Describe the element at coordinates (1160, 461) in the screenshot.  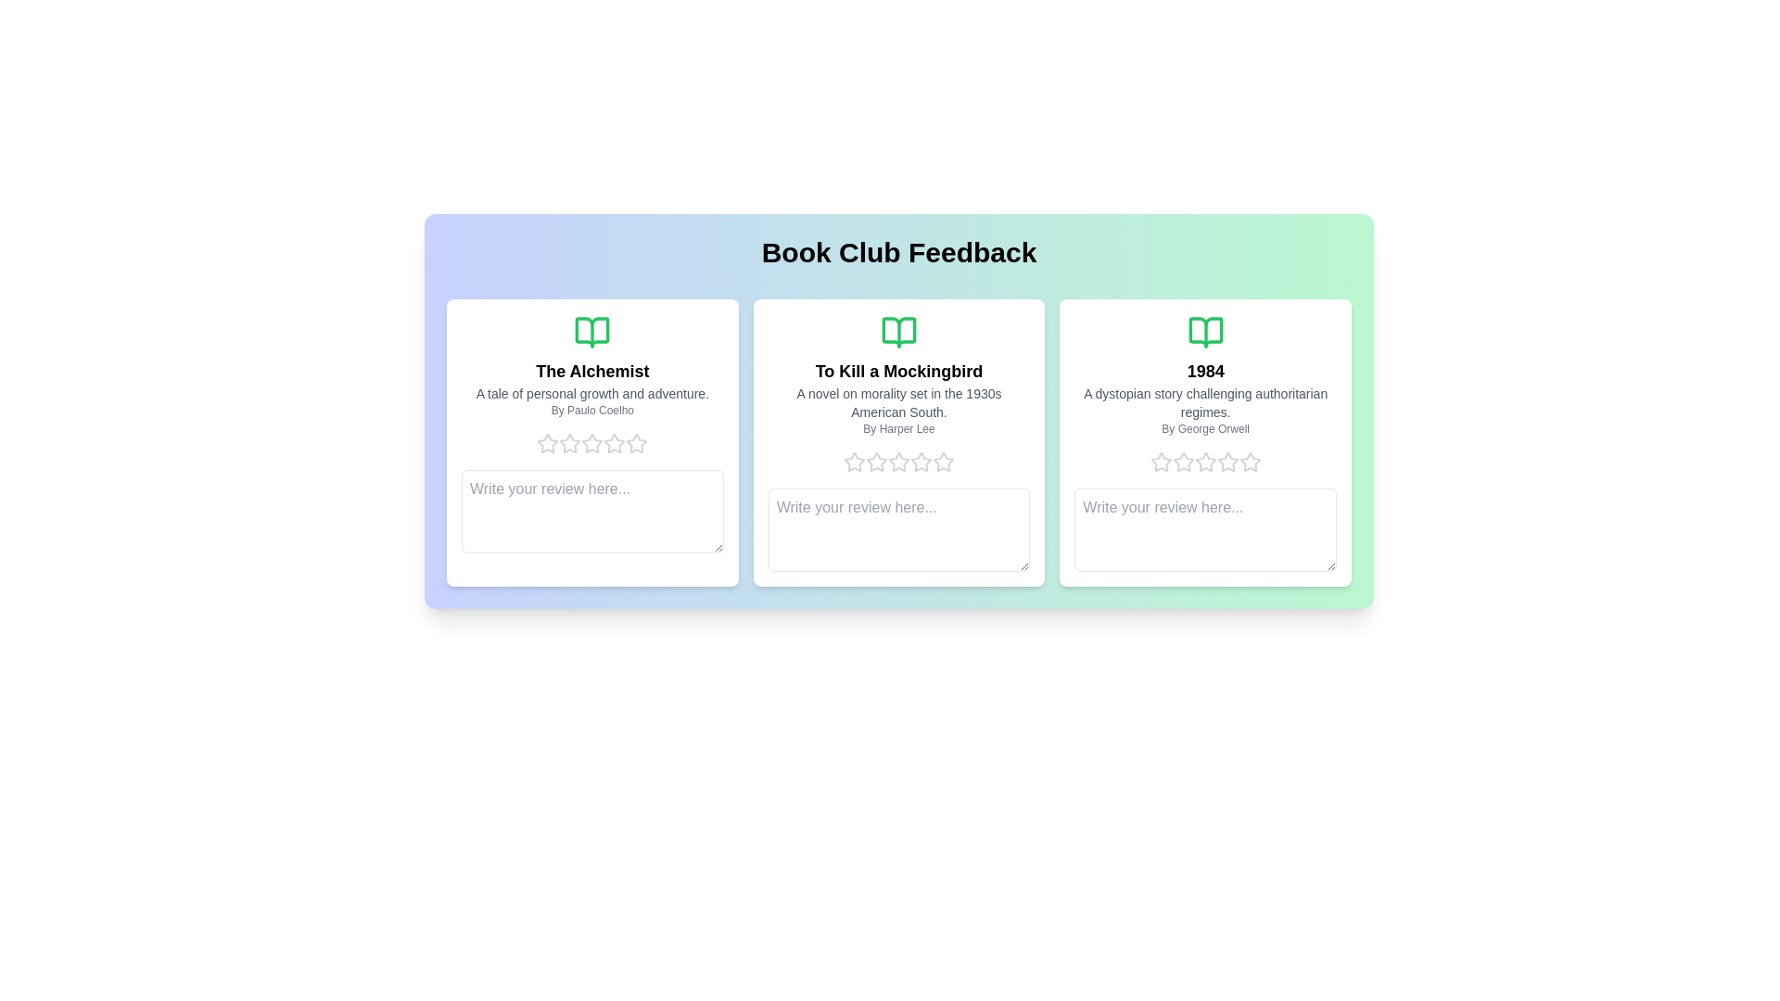
I see `the first star-shaped Interactive Rating Icon in the Book Club Feedback section for the book '1984' by George Orwell` at that location.